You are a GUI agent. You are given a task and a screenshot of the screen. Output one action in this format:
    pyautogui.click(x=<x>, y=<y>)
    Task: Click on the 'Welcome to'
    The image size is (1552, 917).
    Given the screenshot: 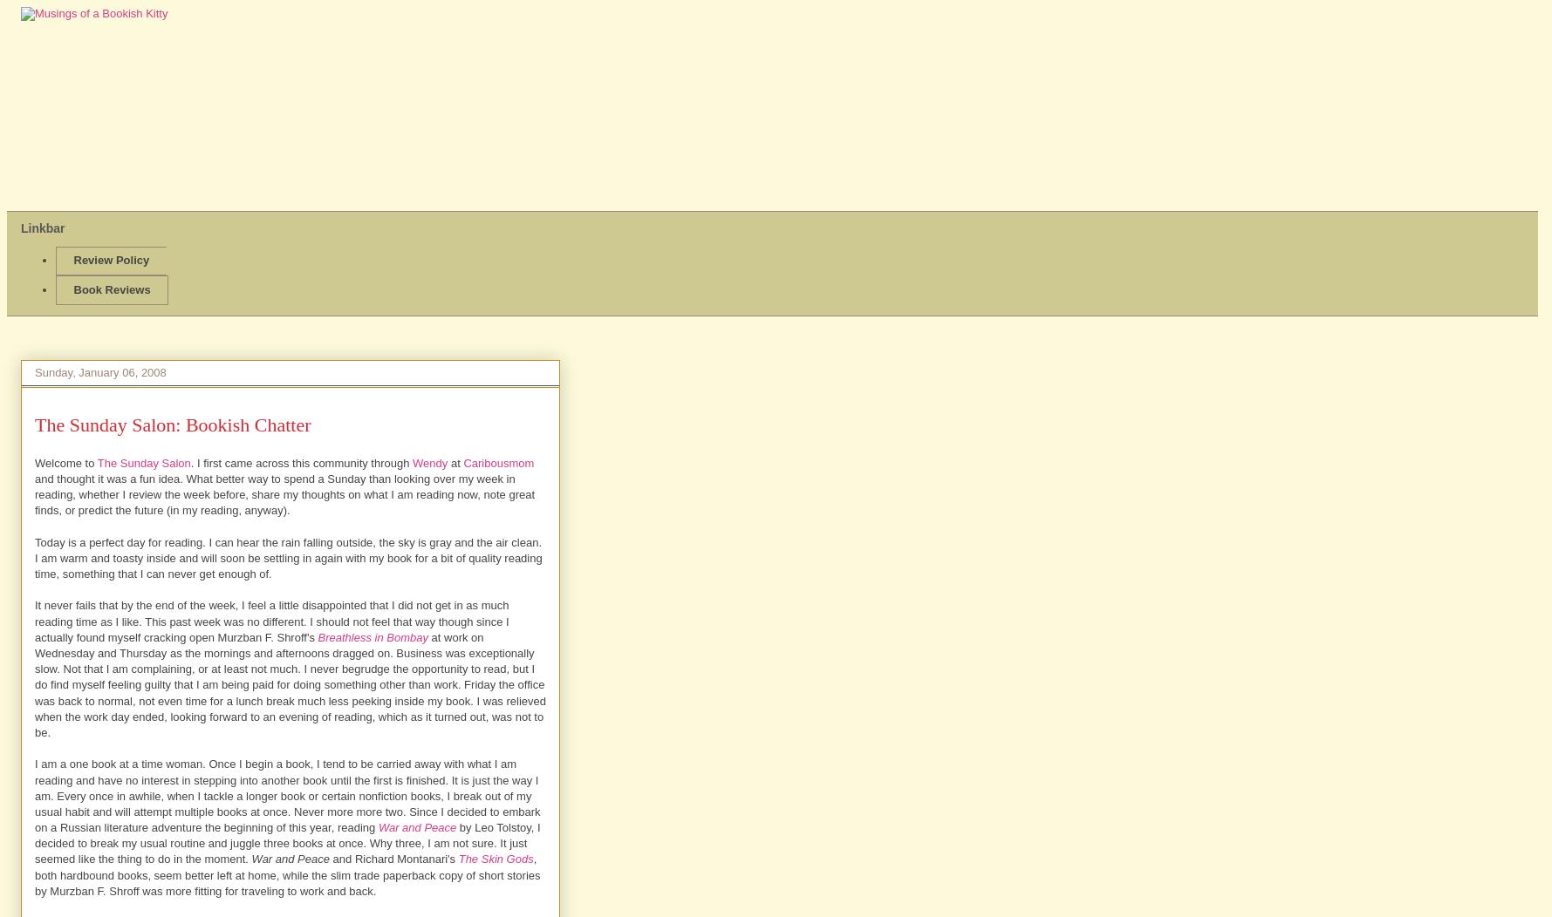 What is the action you would take?
    pyautogui.click(x=65, y=462)
    